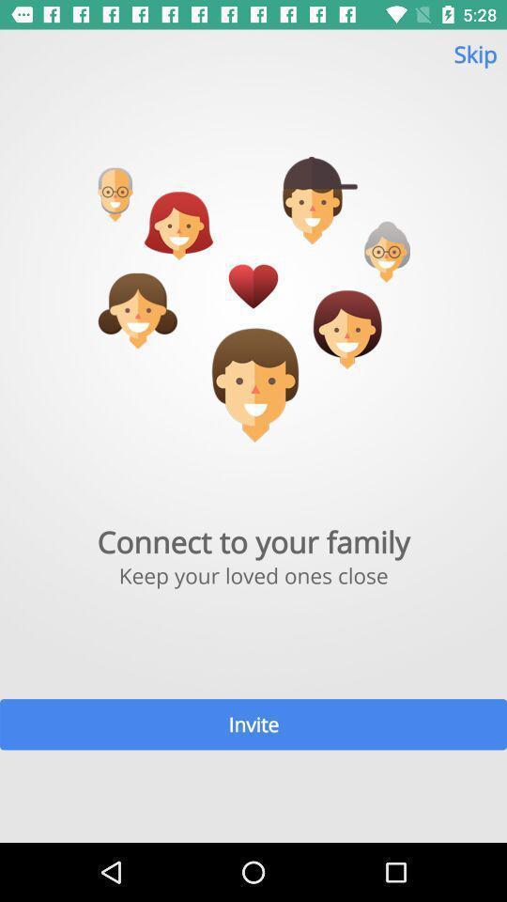 The height and width of the screenshot is (902, 507). I want to click on the skip item, so click(474, 62).